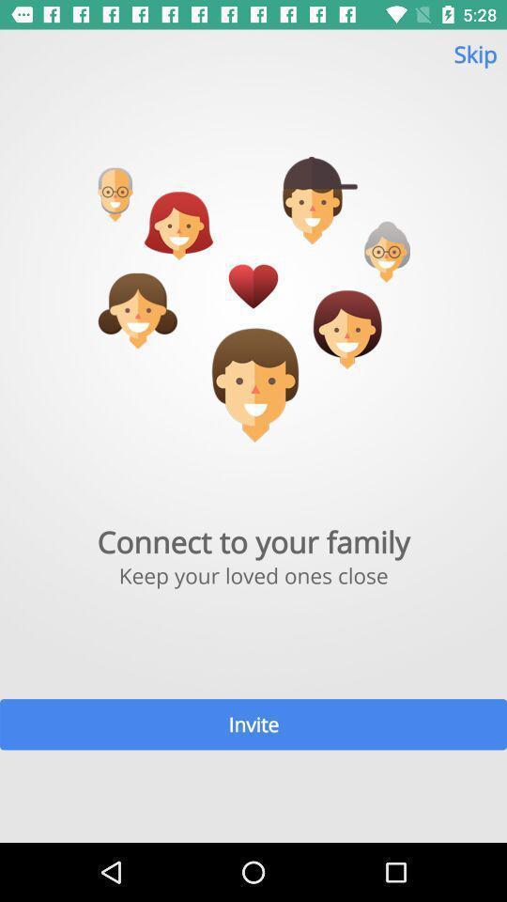 The height and width of the screenshot is (902, 507). I want to click on the skip item, so click(474, 62).